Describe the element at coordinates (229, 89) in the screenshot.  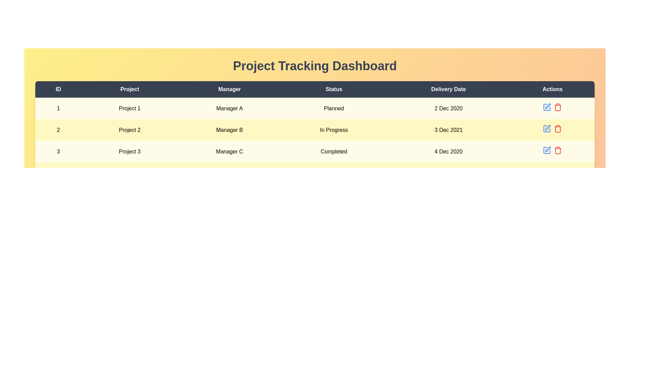
I see `the column header Manager to sort the projects` at that location.